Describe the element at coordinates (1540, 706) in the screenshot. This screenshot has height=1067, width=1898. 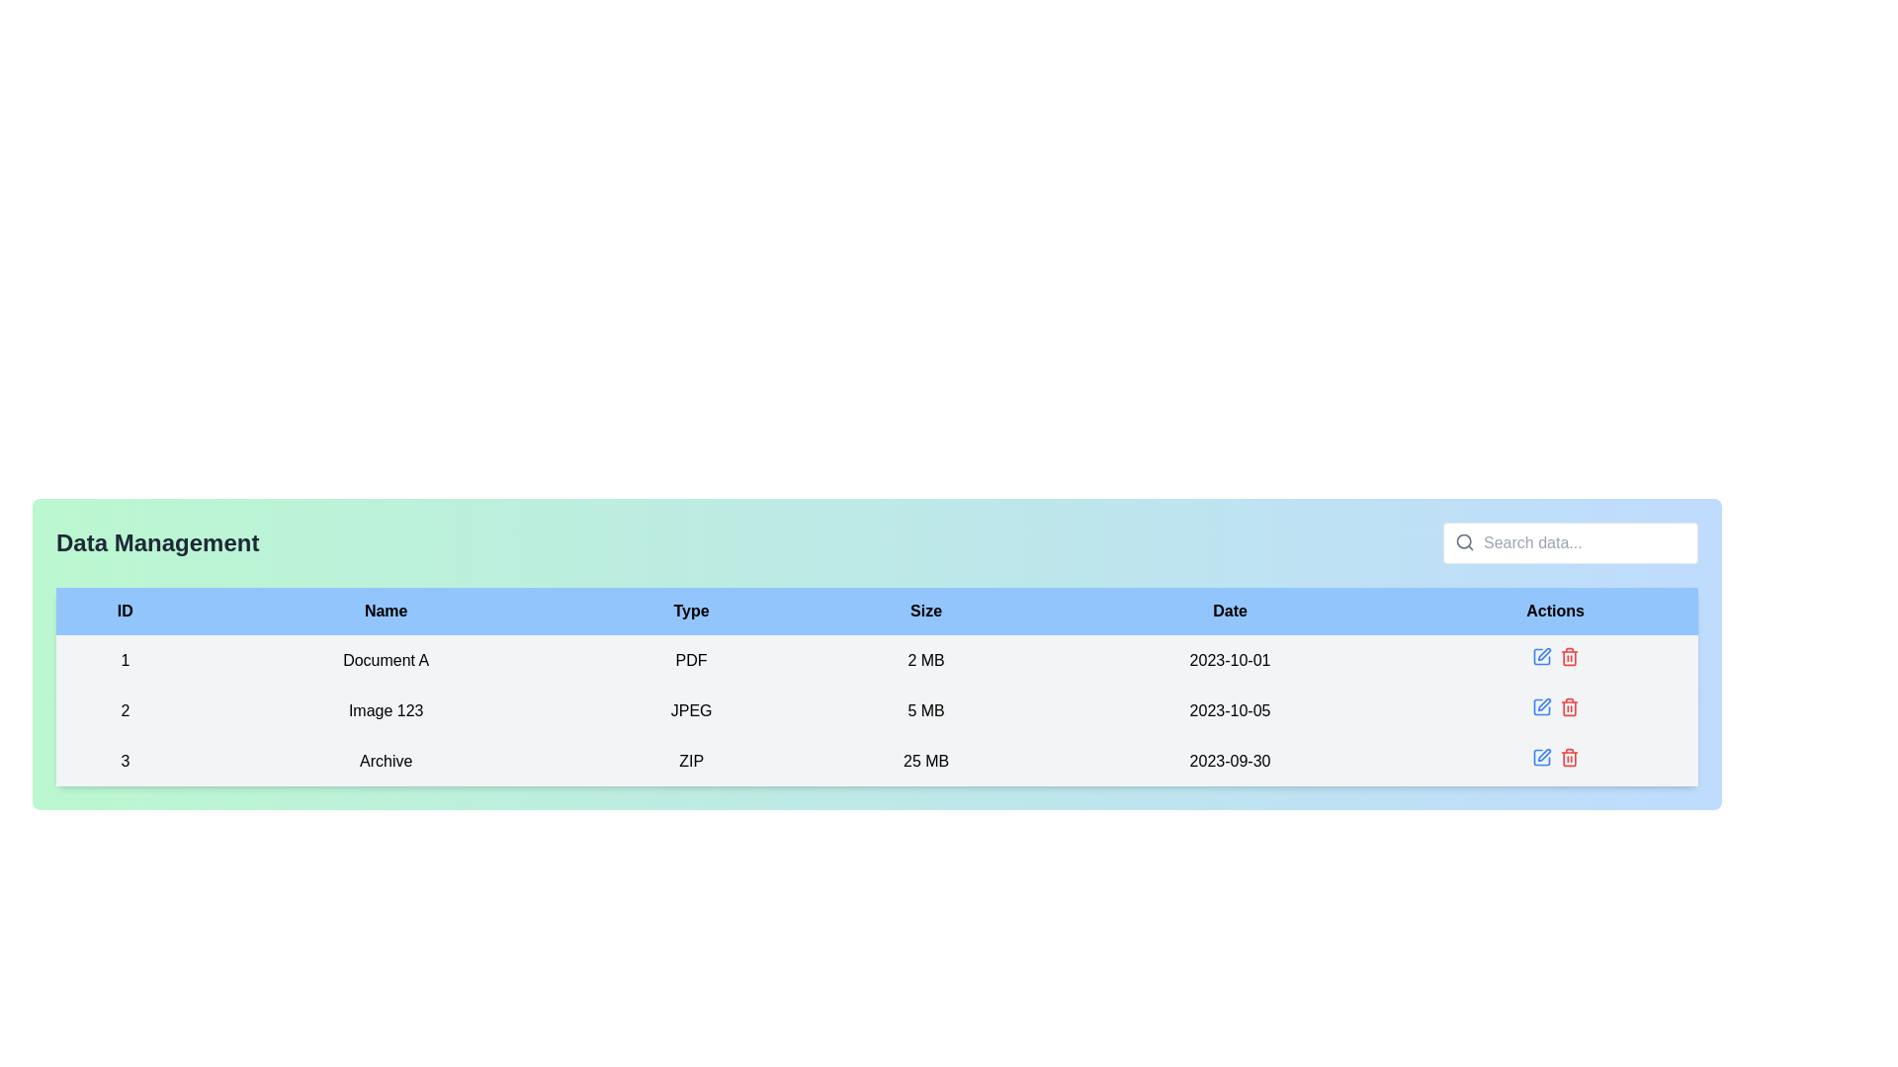
I see `the edit icon button located in the 'Actions' column of the second entry in the data table, which allows users to modify the related entry` at that location.